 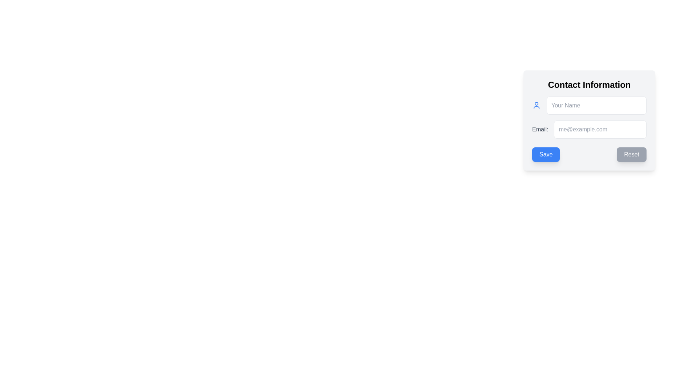 What do you see at coordinates (540, 129) in the screenshot?
I see `text of the label 'Email:' which is styled in gray color and positioned to the left of the email input field` at bounding box center [540, 129].